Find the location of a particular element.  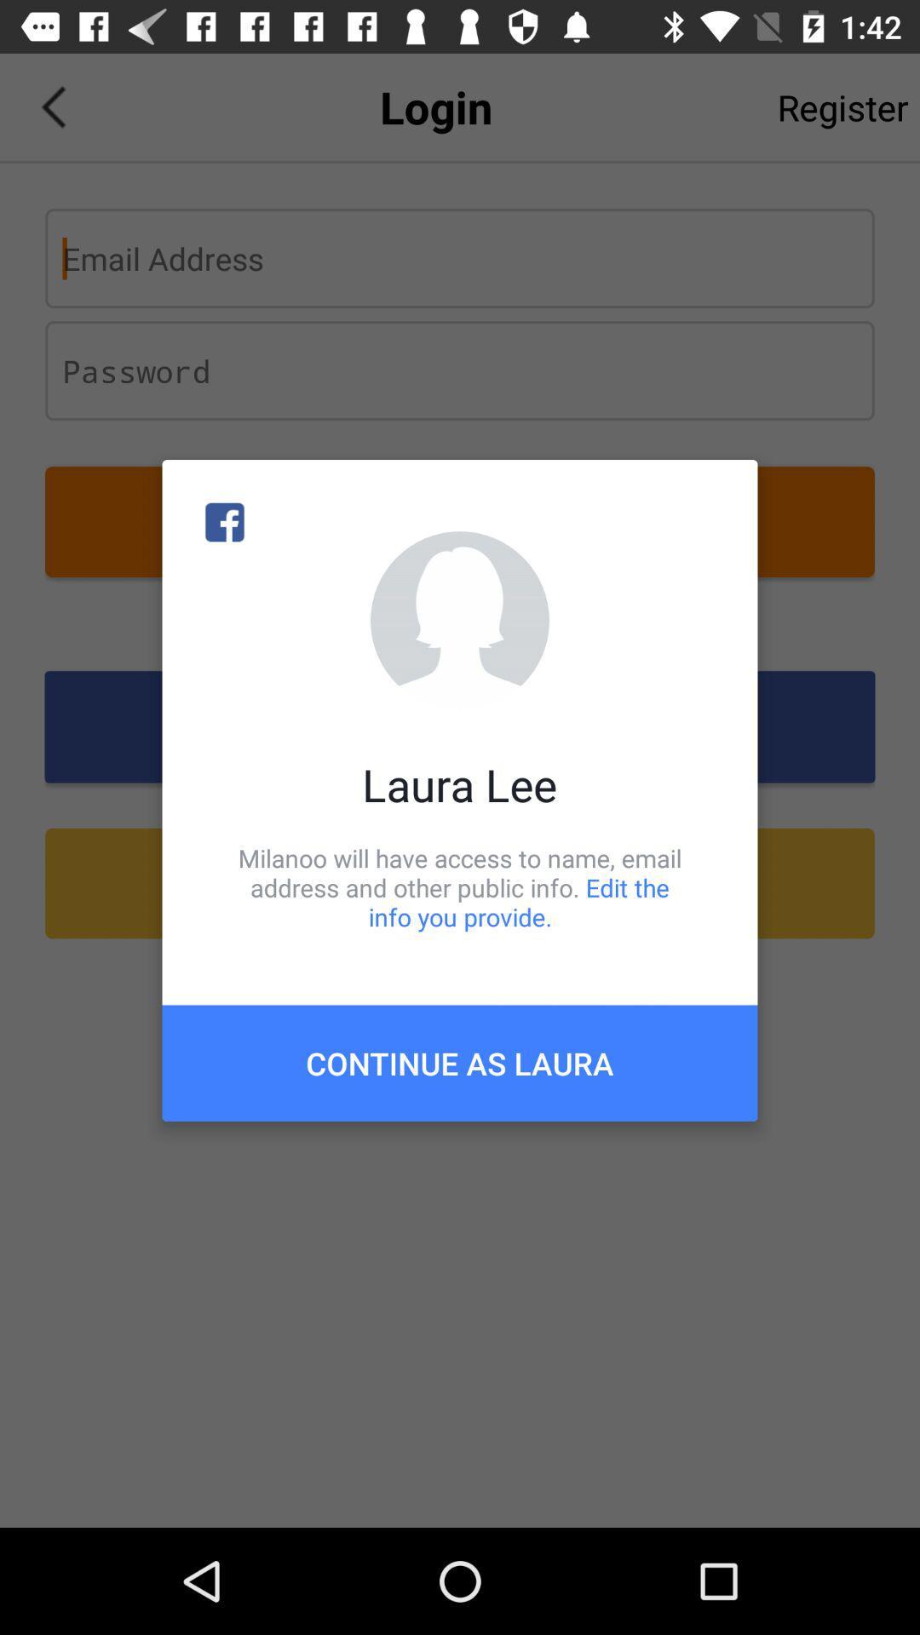

continue as laura item is located at coordinates (460, 1062).